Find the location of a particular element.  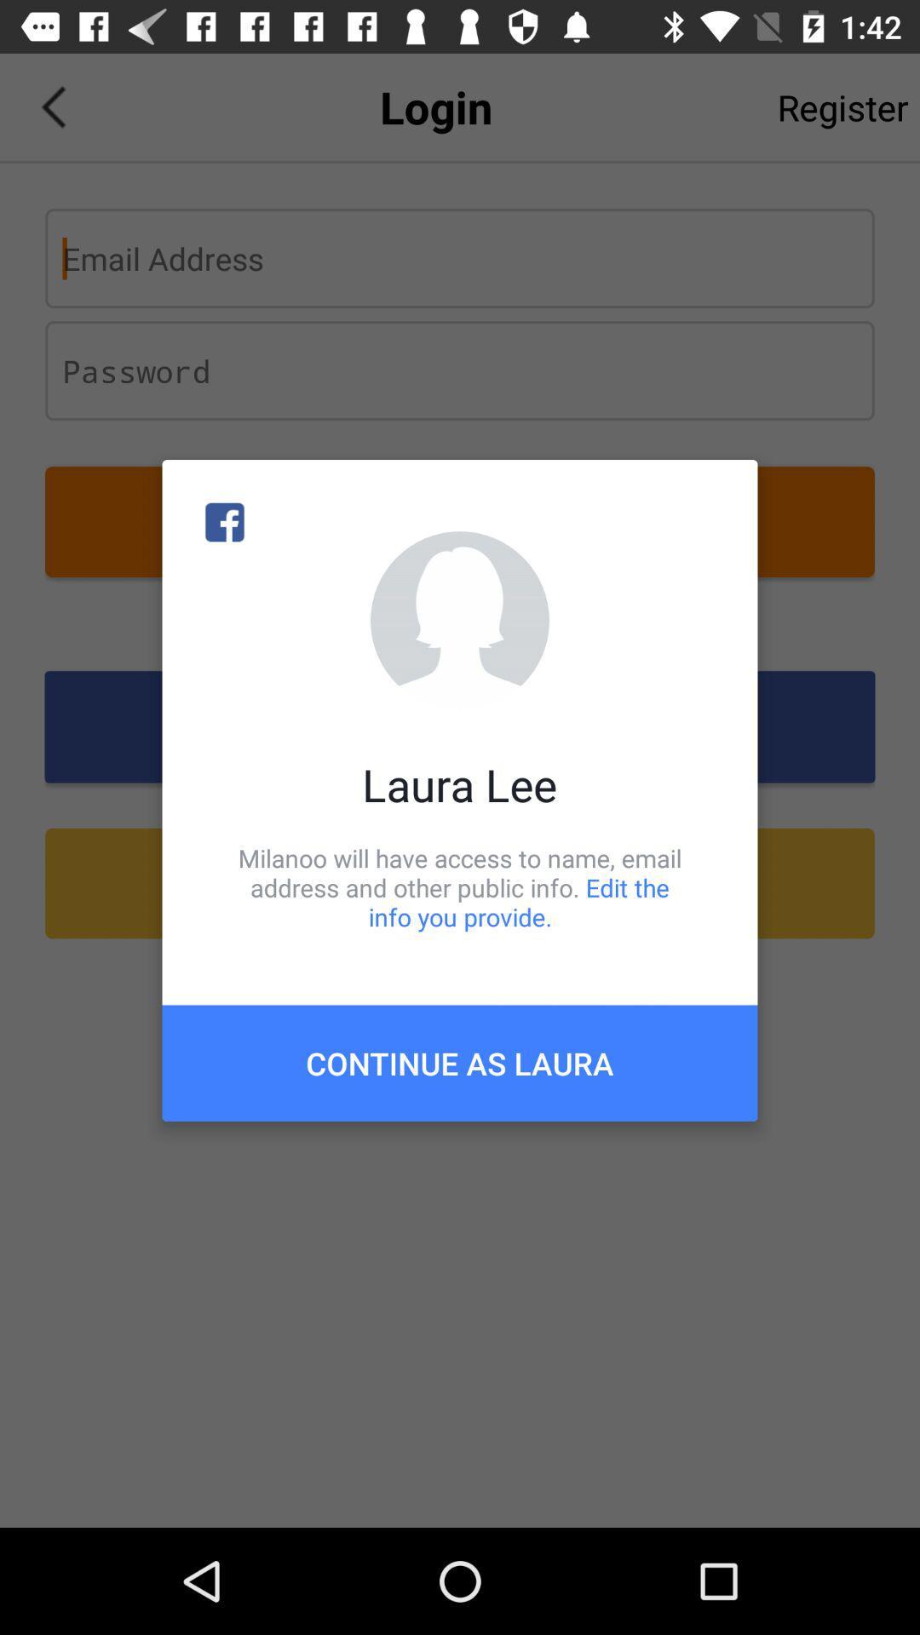

continue as laura item is located at coordinates (460, 1062).